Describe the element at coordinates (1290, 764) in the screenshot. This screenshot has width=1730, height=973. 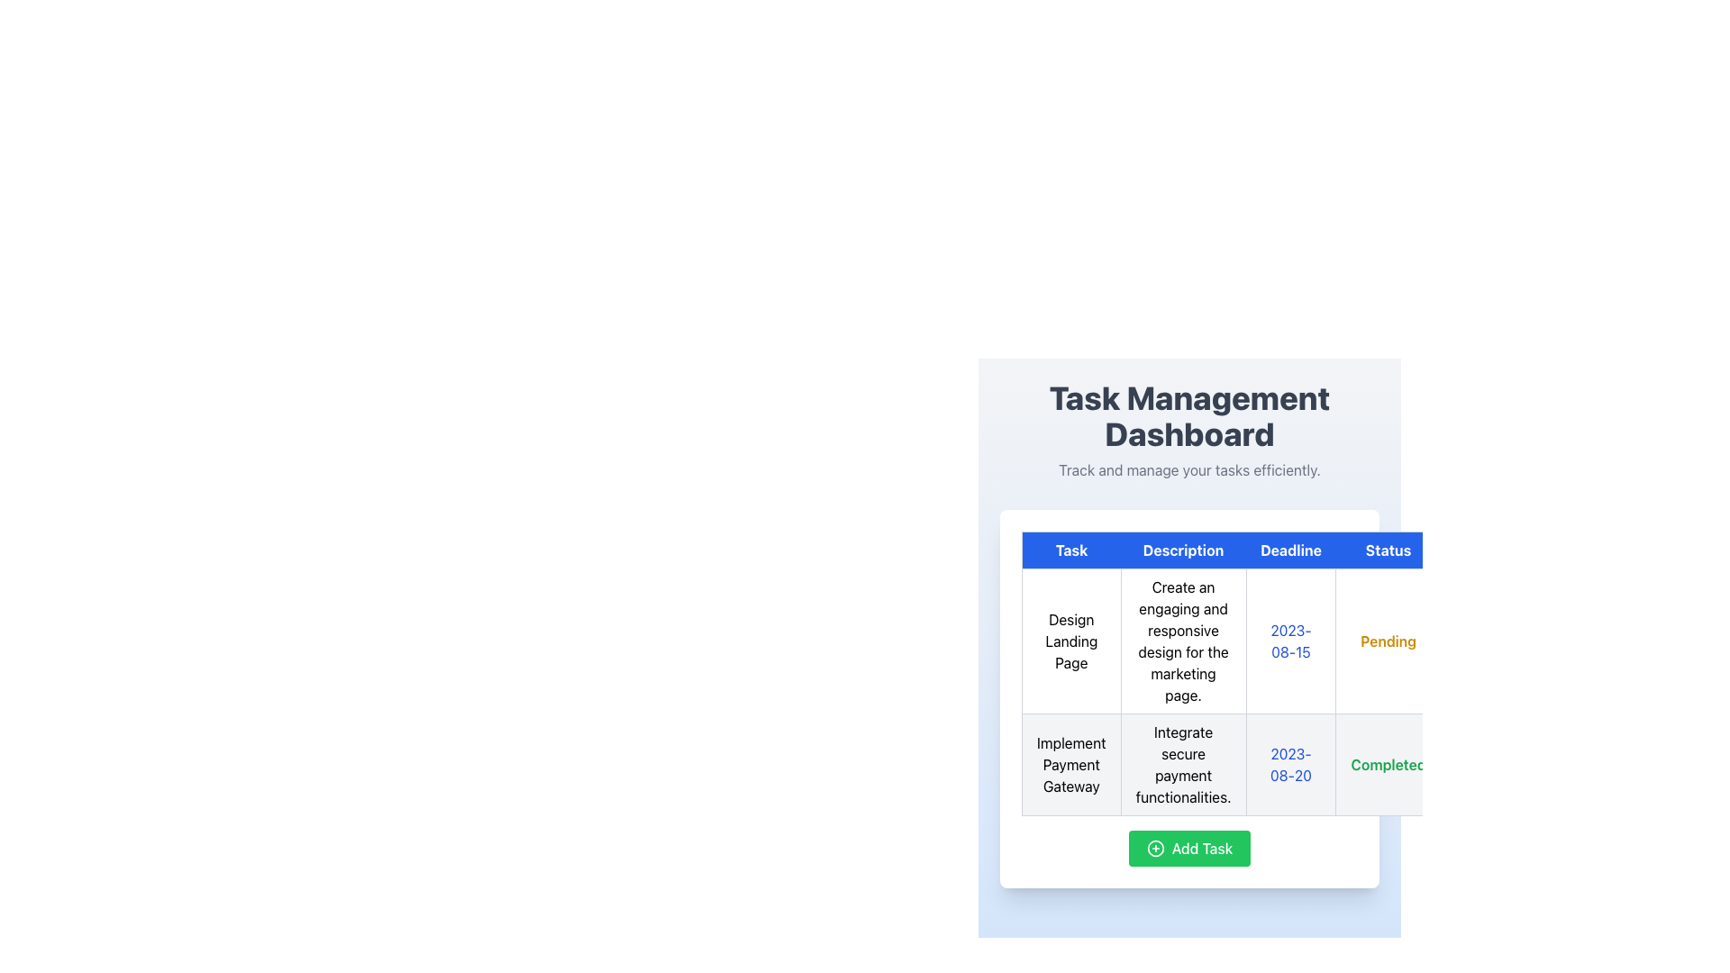
I see `the Static Label displaying the date '2023-08-20' in the 'Deadline' column of the 'Implement Payment Gateway' row` at that location.